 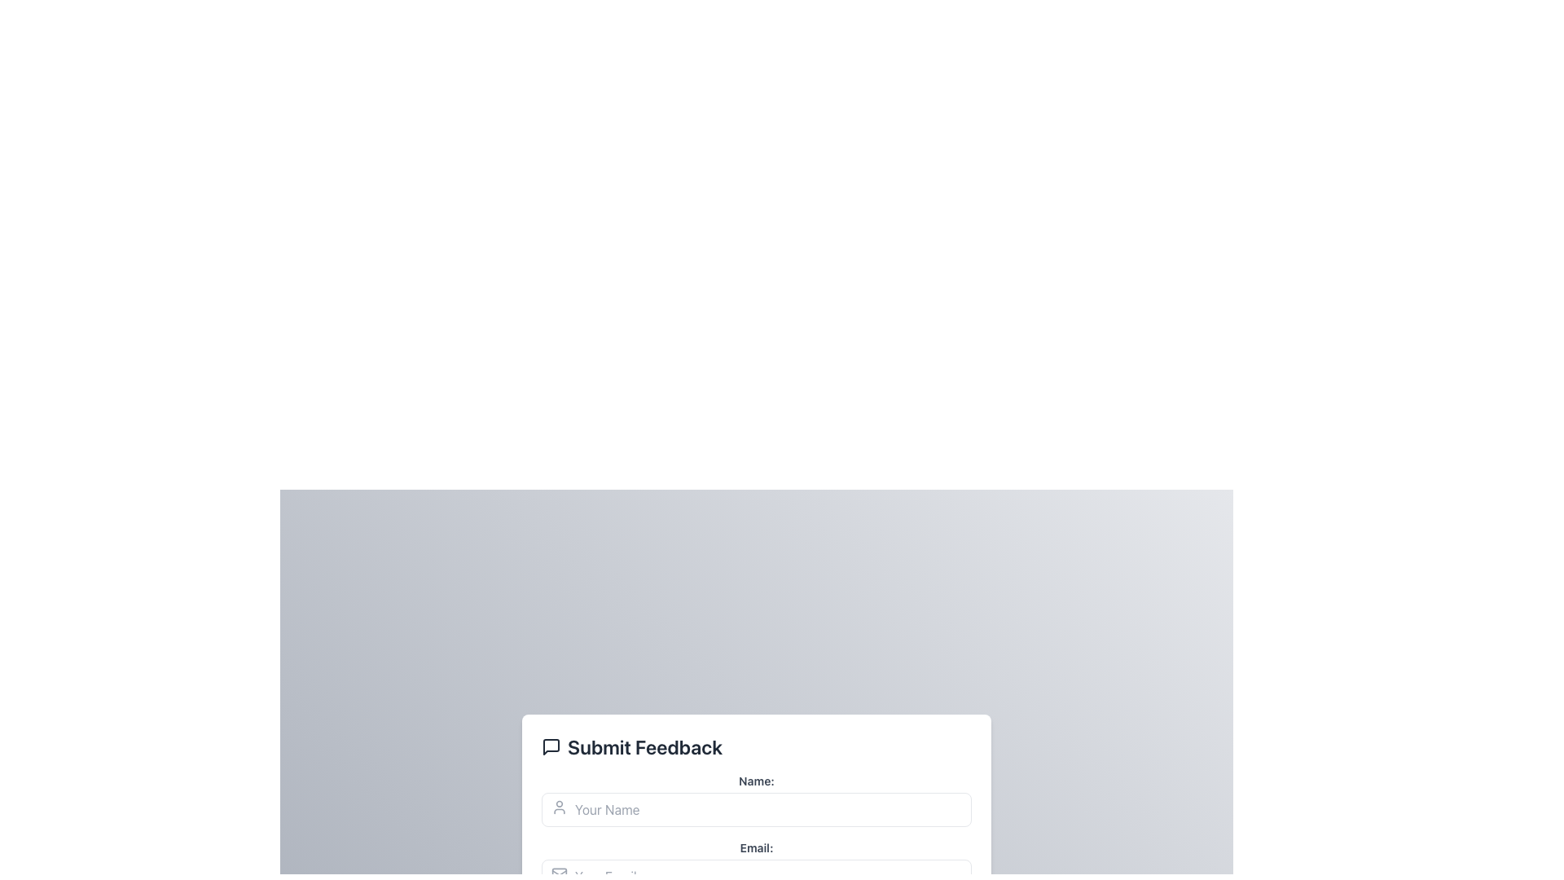 I want to click on the rectangular SVG graphic element that is part of the mail icon in the feedback form, so click(x=559, y=873).